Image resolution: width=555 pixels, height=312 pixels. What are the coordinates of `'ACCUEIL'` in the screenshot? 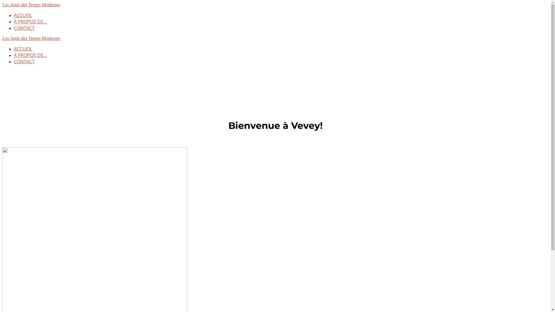 It's located at (14, 49).